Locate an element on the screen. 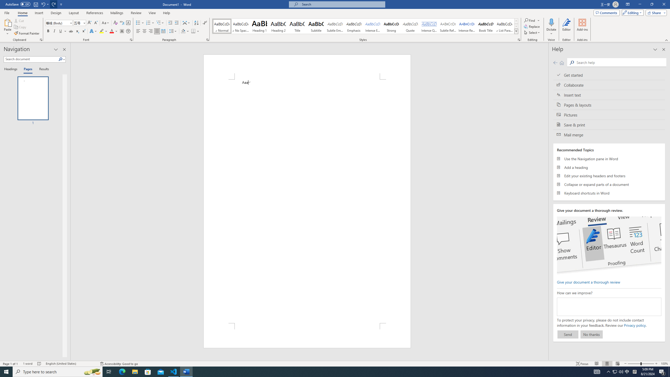  'Numbering' is located at coordinates (148, 23).